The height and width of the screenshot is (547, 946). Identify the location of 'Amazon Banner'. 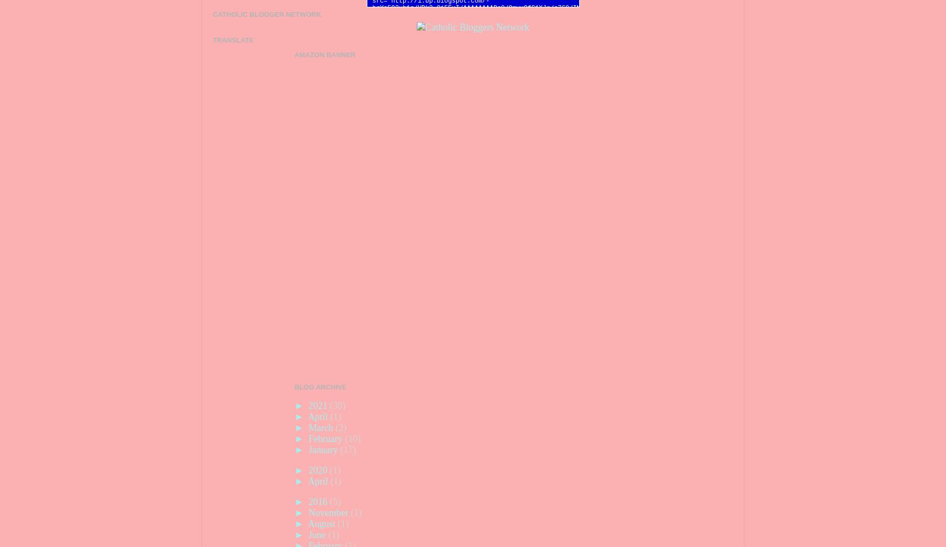
(324, 55).